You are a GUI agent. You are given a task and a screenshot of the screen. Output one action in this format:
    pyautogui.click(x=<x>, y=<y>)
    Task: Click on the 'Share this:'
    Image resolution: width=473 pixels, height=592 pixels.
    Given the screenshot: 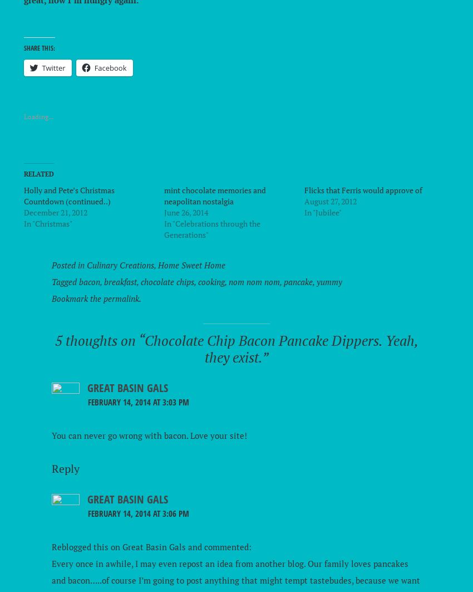 What is the action you would take?
    pyautogui.click(x=39, y=47)
    